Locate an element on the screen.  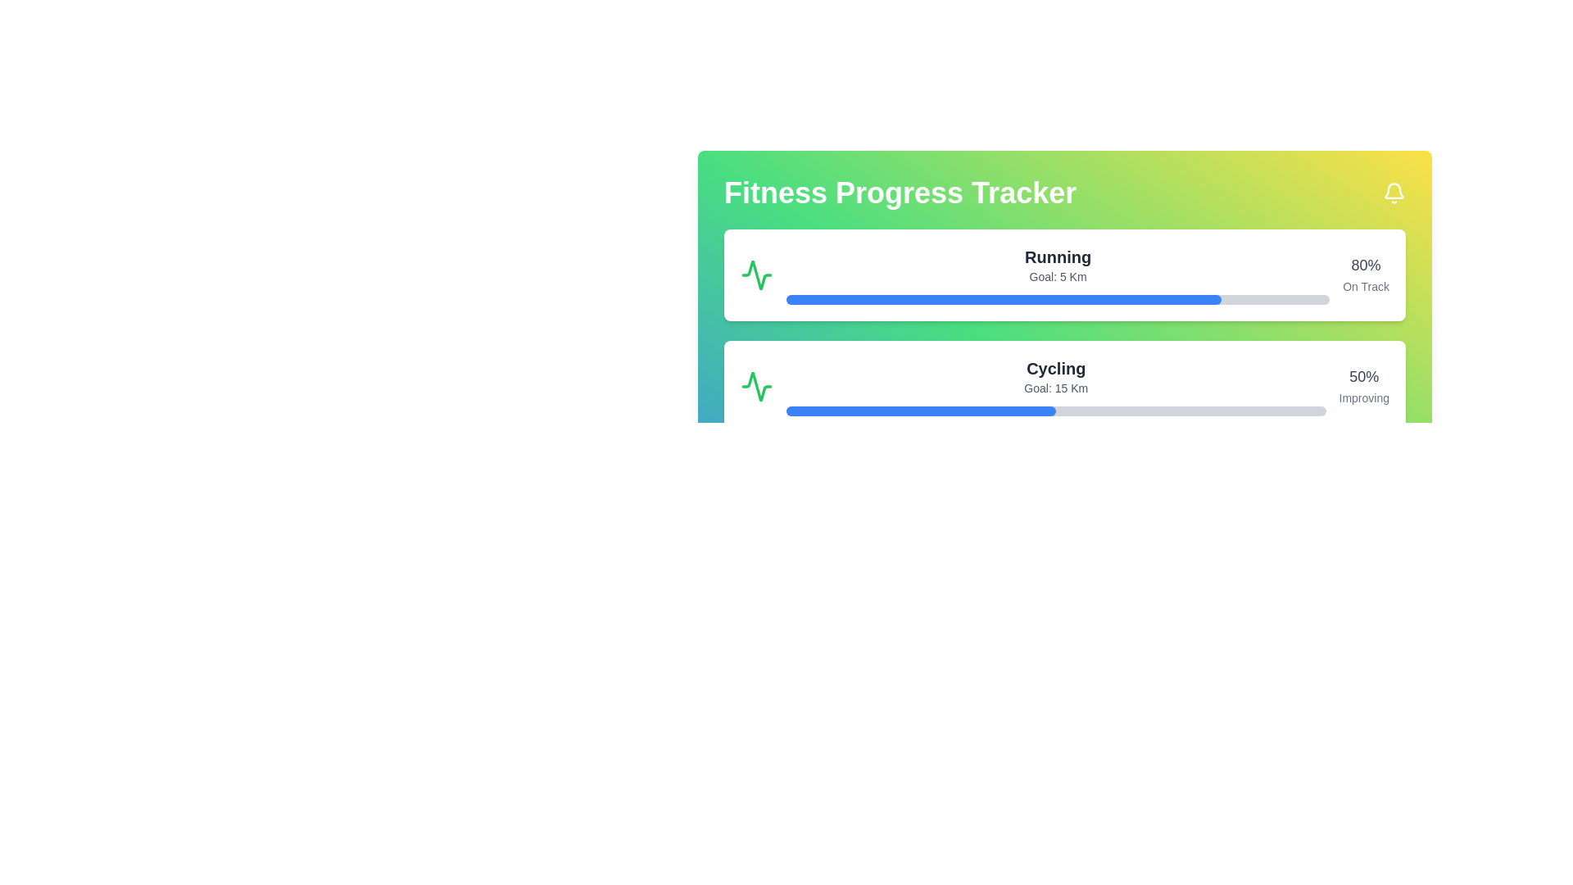
the green graphical icon representing the 'Running' activity, located above the text 'Running' and to the left of a progress bar is located at coordinates (756, 274).